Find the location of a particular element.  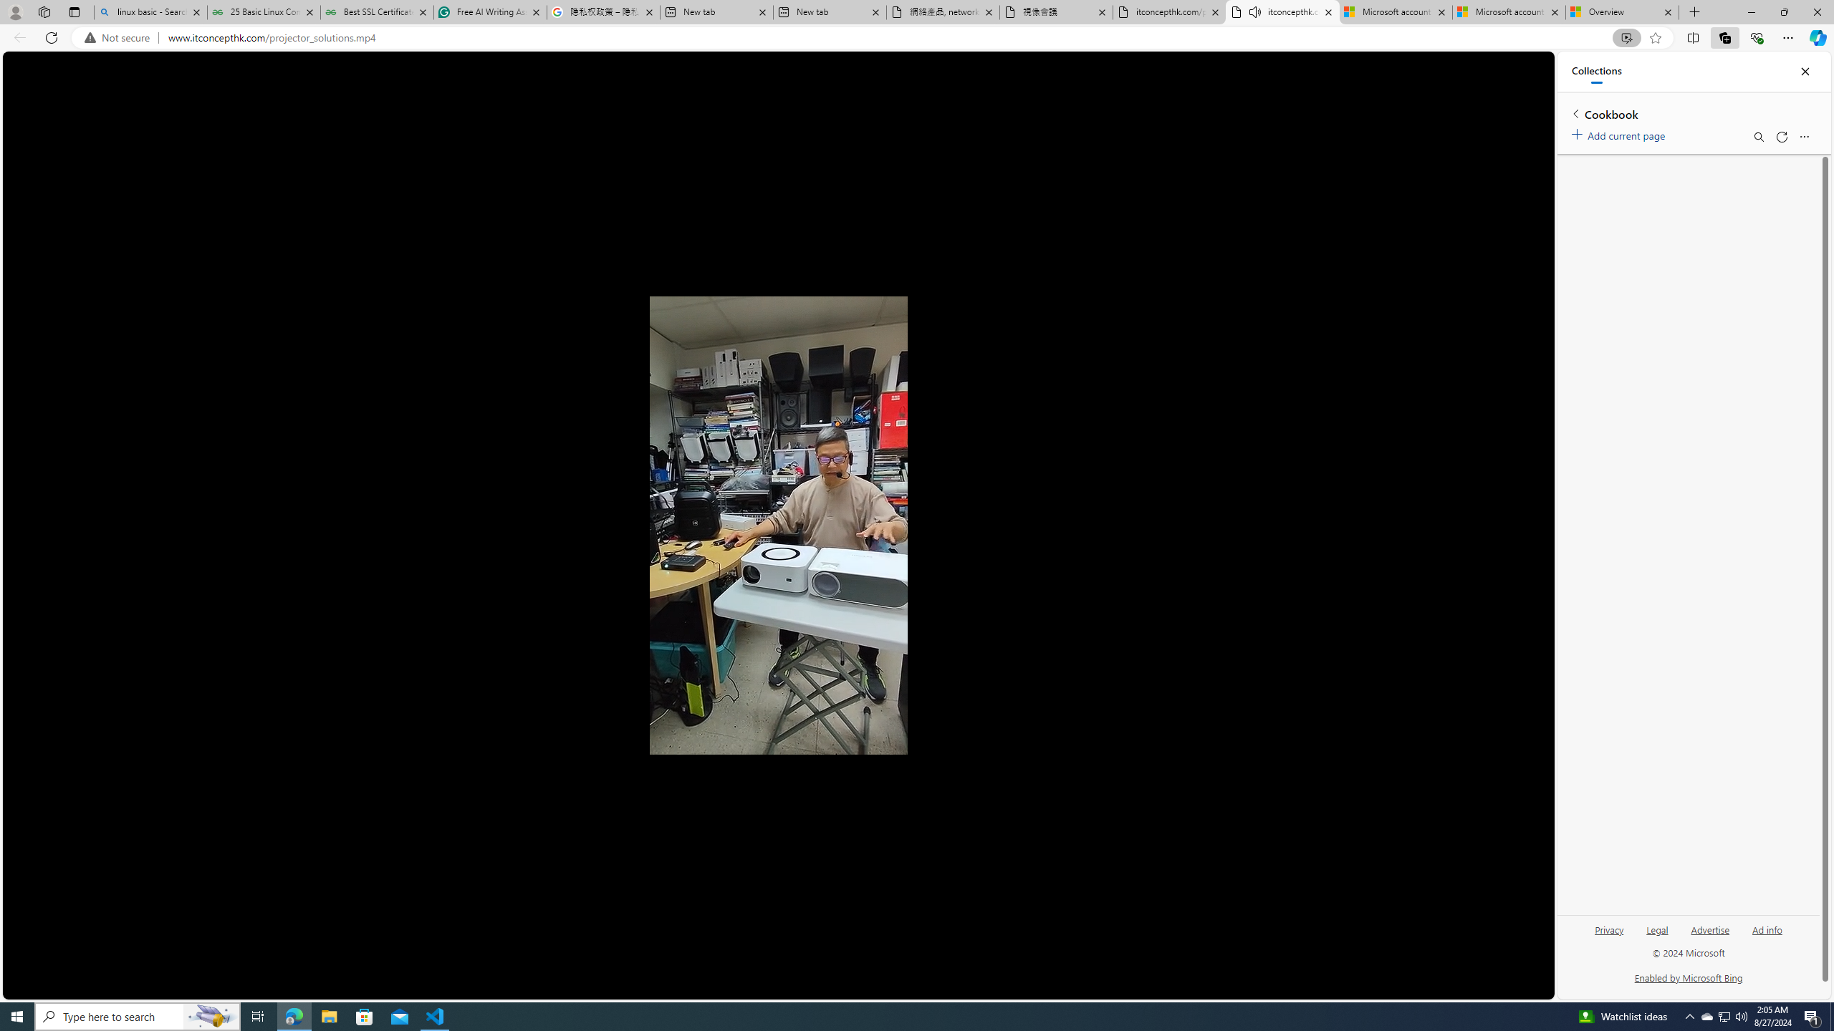

'More options menu' is located at coordinates (1805, 137).